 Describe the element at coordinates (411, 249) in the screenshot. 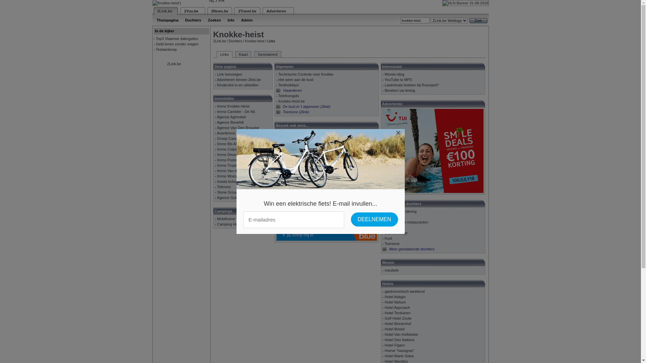

I see `'Meer gerelateerde dochters'` at that location.